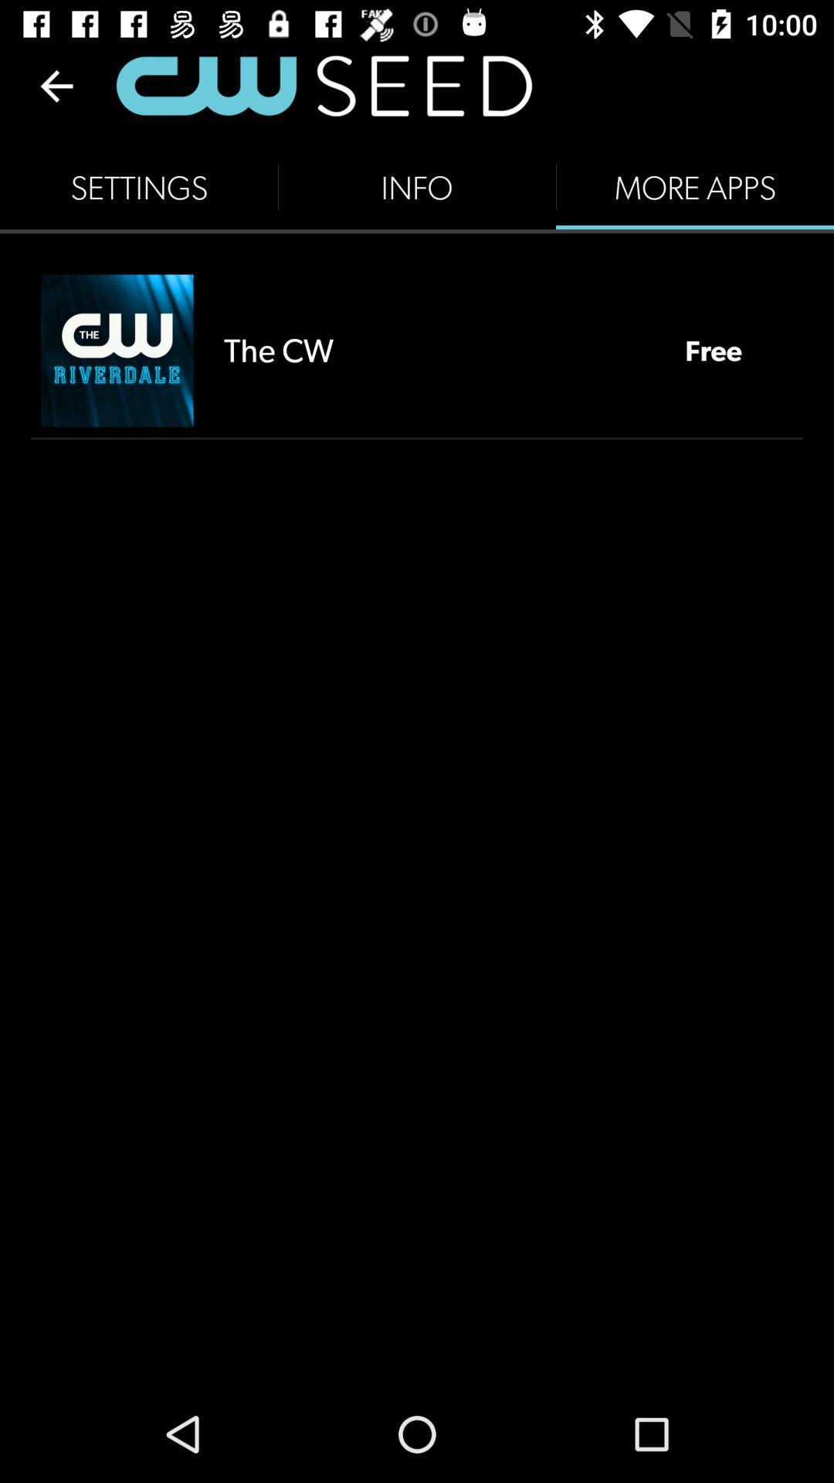 The image size is (834, 1483). Describe the element at coordinates (693, 187) in the screenshot. I see `icon next to info icon` at that location.